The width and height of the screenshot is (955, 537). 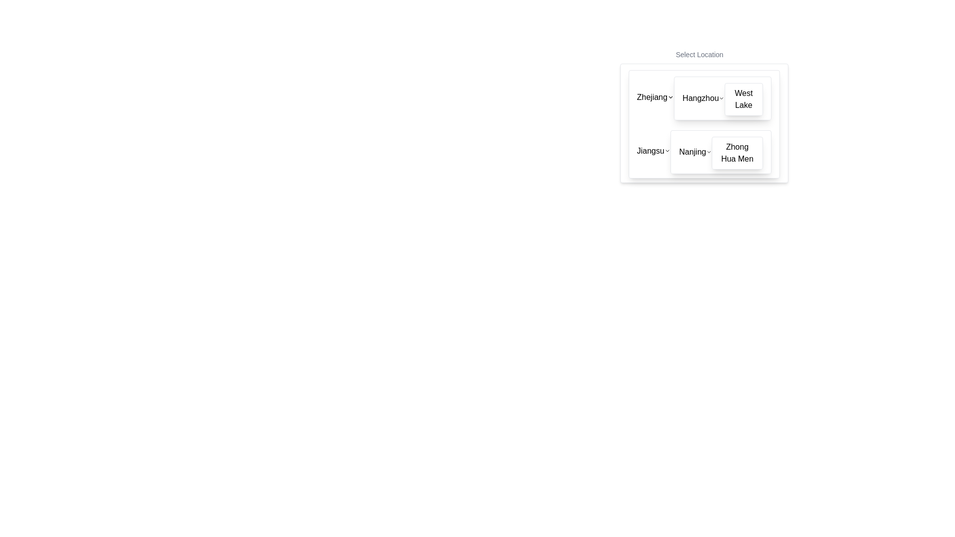 What do you see at coordinates (744, 99) in the screenshot?
I see `the 'West Lake' card element within the dropdown menu that appears under the 'Hangzhou' option` at bounding box center [744, 99].